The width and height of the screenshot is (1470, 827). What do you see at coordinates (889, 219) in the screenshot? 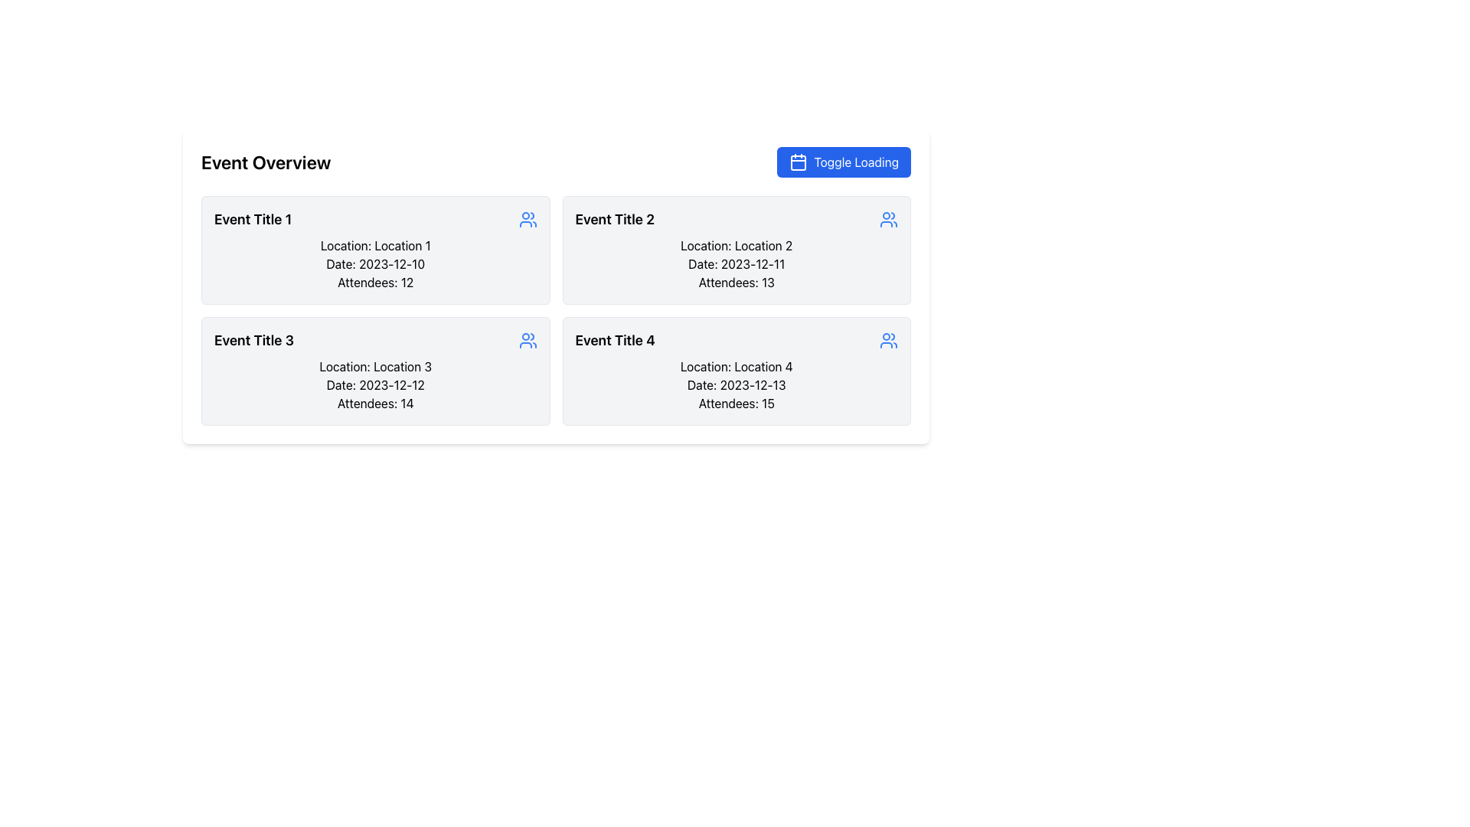
I see `the blue icon depicting two stylized human figures located in the header section of the Event Title 2 card, which is positioned to the upper-right side of the card` at bounding box center [889, 219].